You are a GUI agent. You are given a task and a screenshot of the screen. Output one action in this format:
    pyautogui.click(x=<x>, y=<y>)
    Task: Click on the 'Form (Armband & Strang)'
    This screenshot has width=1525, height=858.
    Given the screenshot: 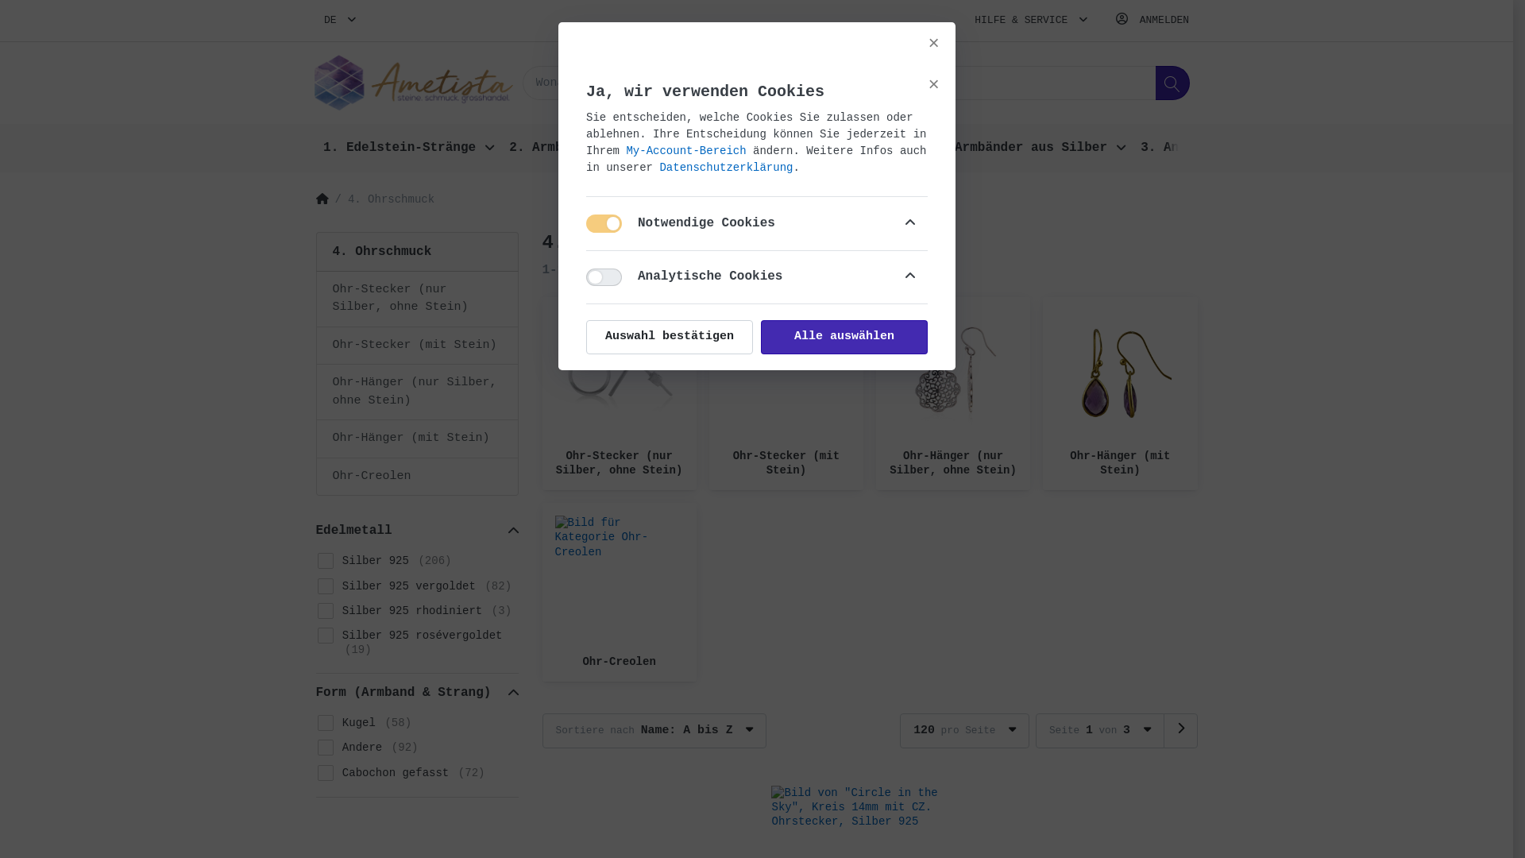 What is the action you would take?
    pyautogui.click(x=417, y=691)
    